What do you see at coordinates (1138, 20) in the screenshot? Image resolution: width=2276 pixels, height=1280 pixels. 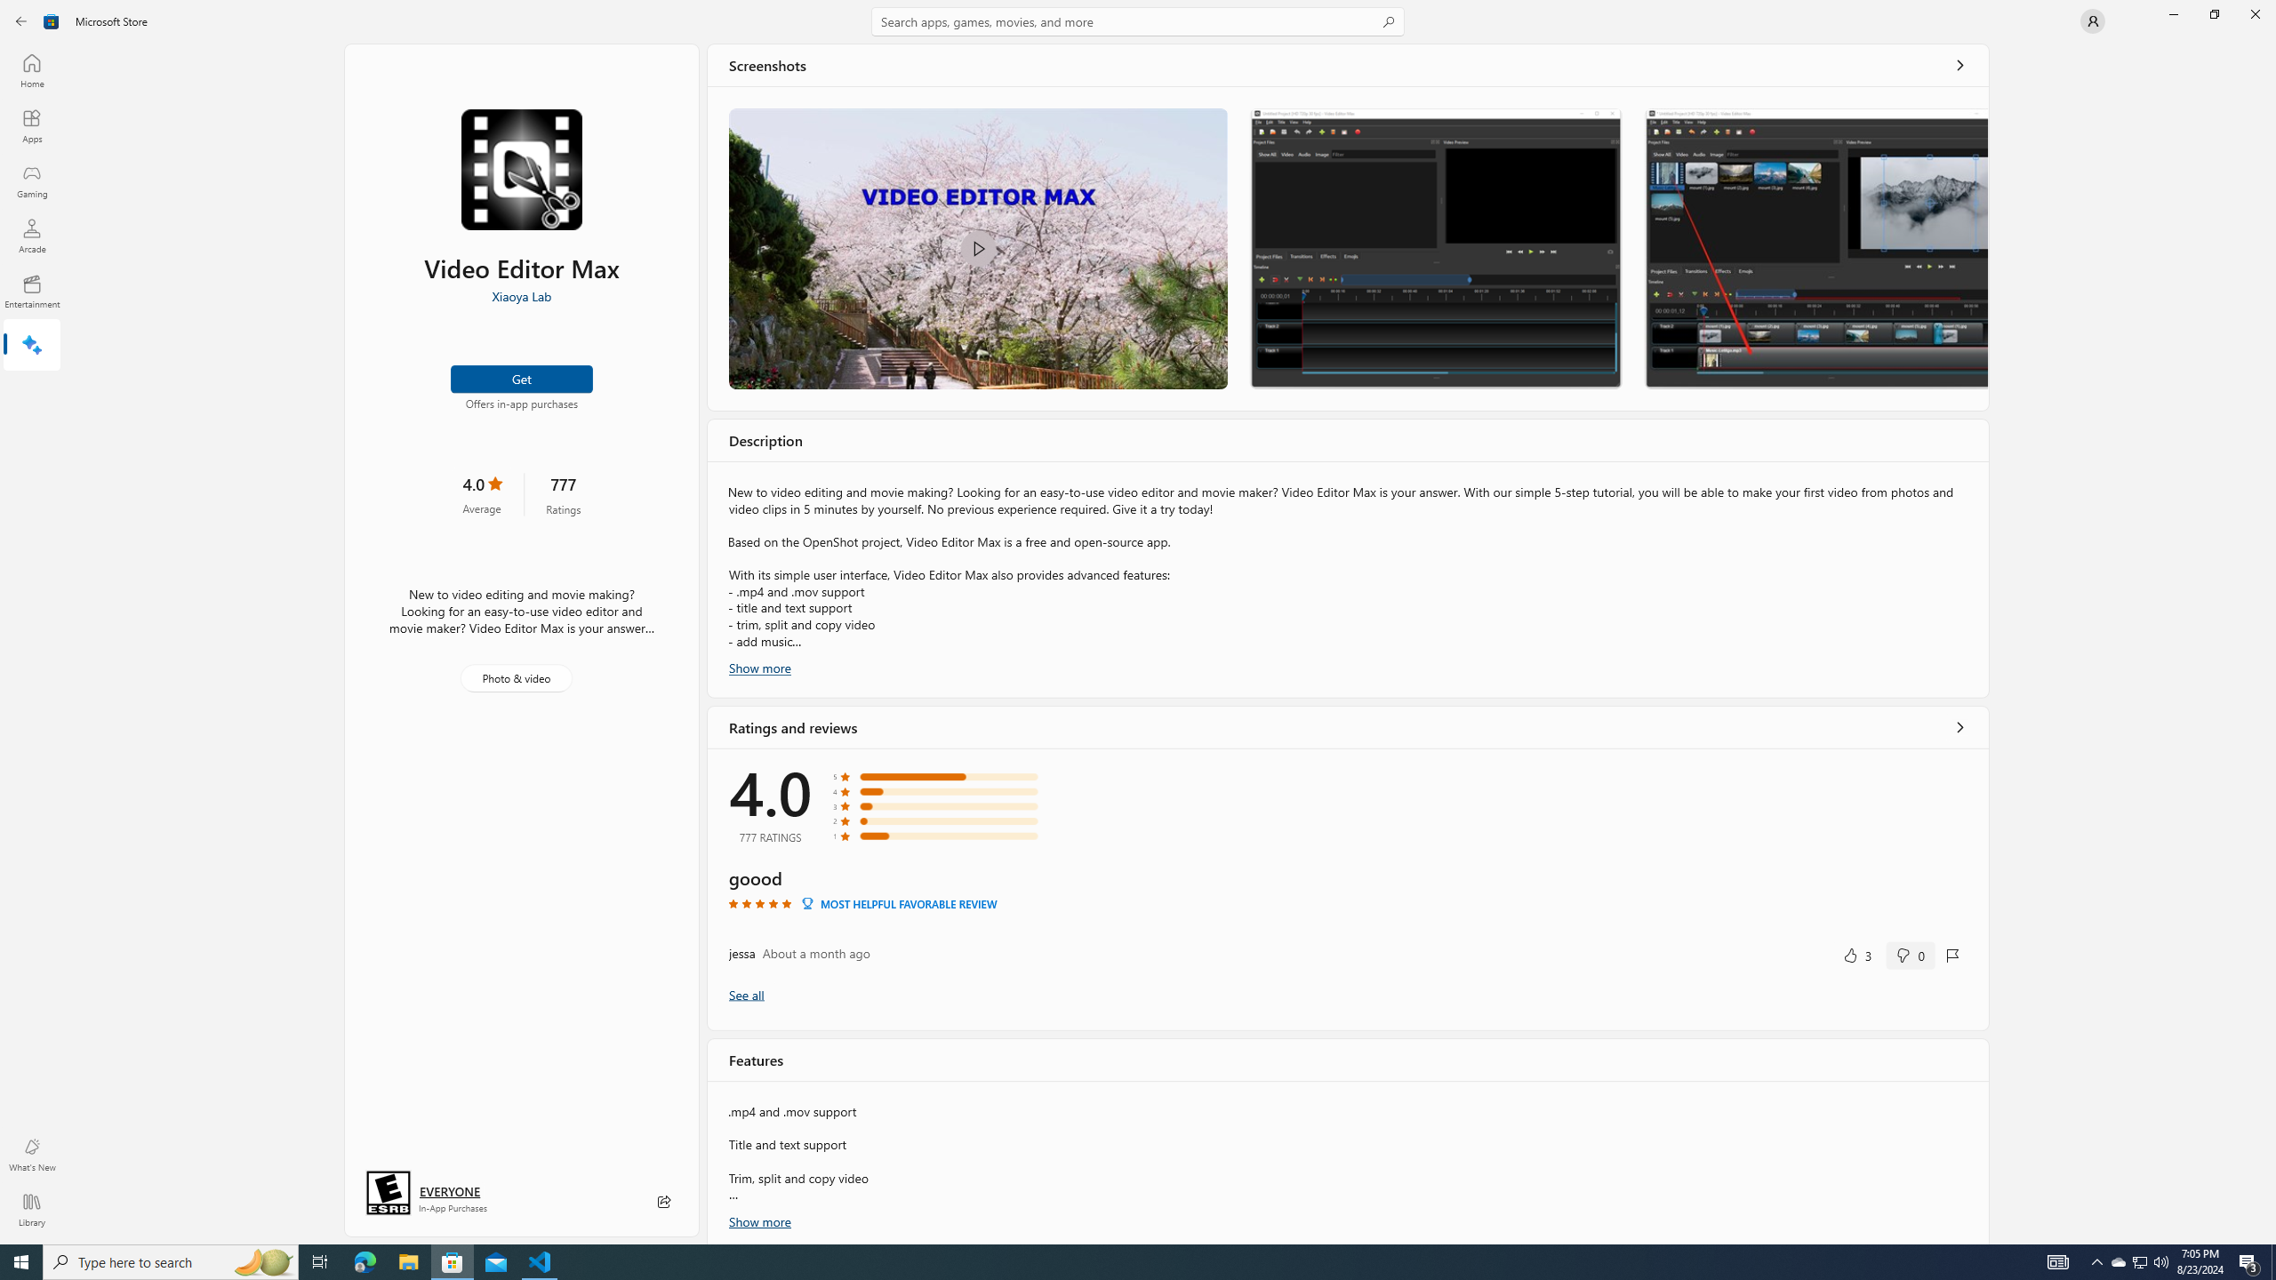 I see `'Search'` at bounding box center [1138, 20].